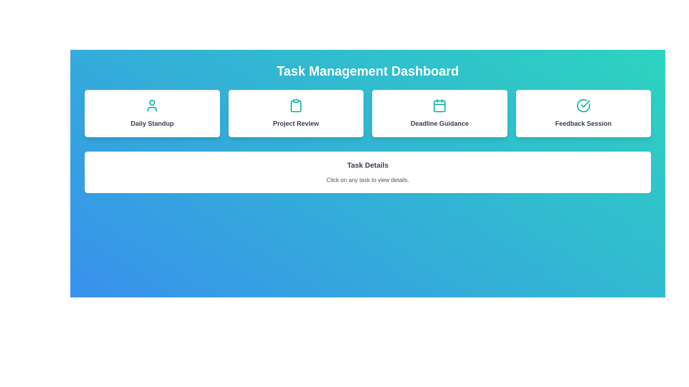  What do you see at coordinates (296, 106) in the screenshot?
I see `the clipboard icon representing the 'Project Review' functionality, which is centered in the second card from the left in a row of four cards` at bounding box center [296, 106].